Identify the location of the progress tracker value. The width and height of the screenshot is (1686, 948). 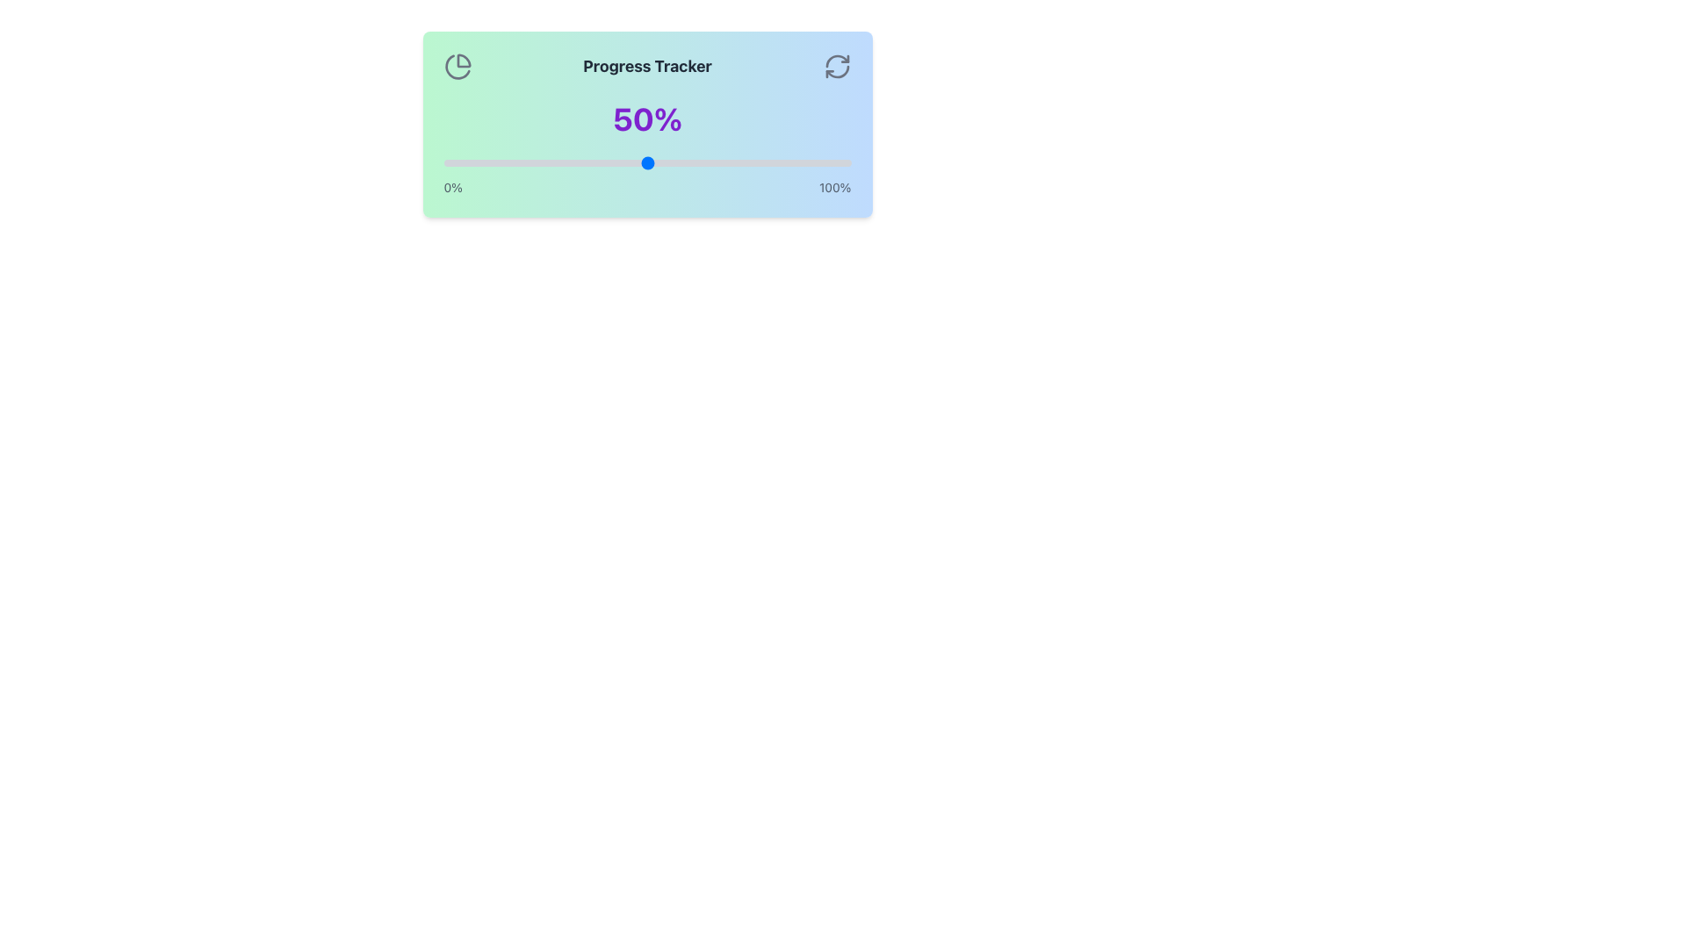
(456, 162).